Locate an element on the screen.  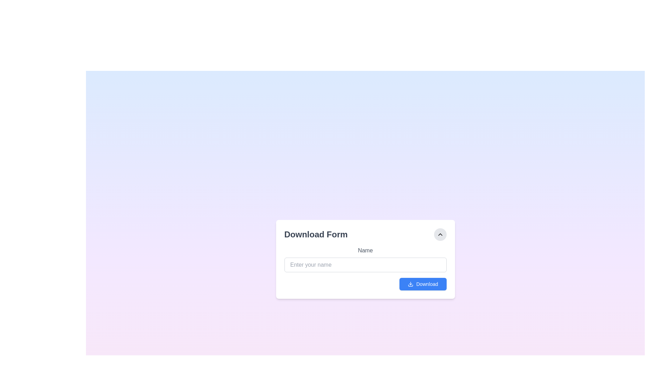
the collapse or scroll-up button located to the right of the 'Download Form' text, positioned at the top-right corner of the white card interface is located at coordinates (440, 234).